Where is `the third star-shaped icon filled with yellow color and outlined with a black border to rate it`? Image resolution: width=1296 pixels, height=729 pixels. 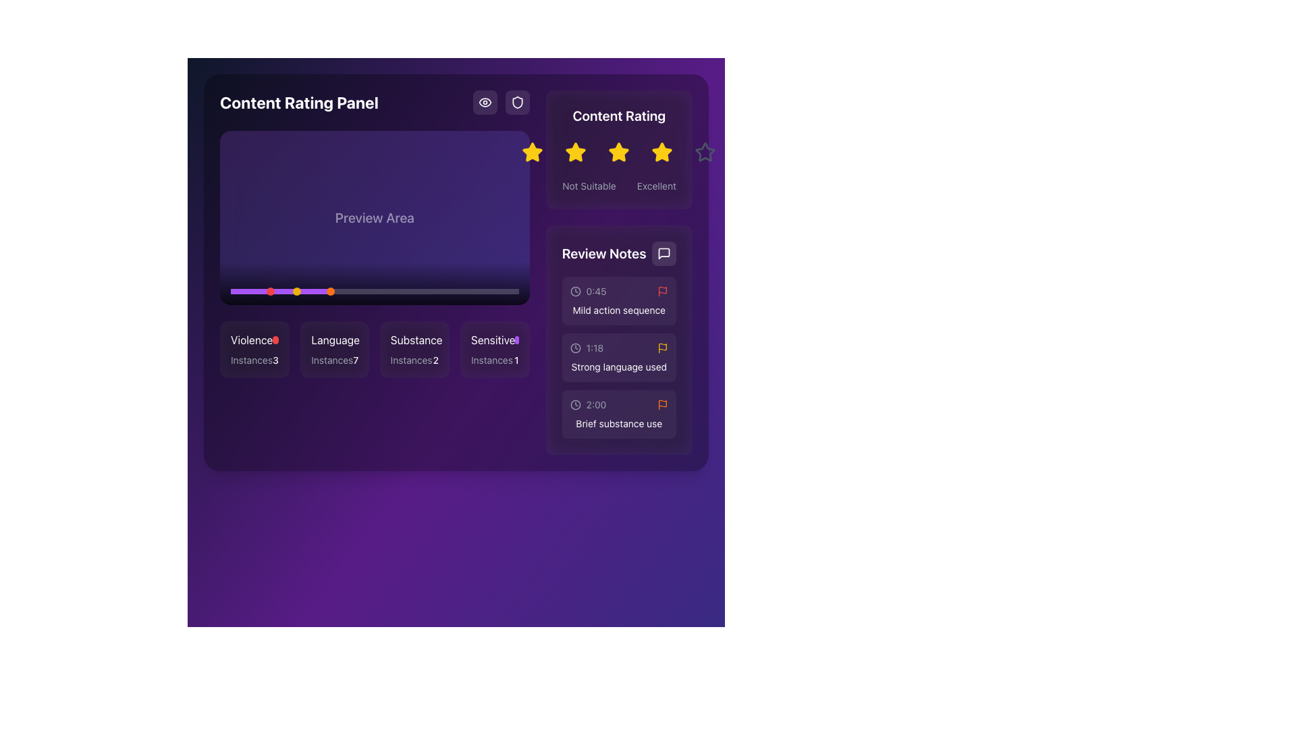 the third star-shaped icon filled with yellow color and outlined with a black border to rate it is located at coordinates (618, 152).